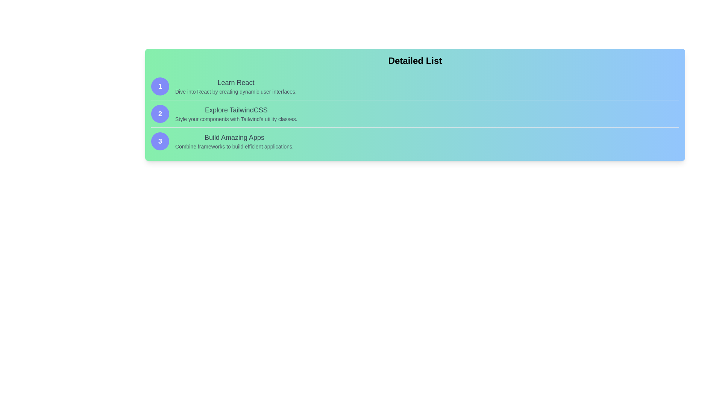 The width and height of the screenshot is (722, 406). Describe the element at coordinates (160, 114) in the screenshot. I see `the content of the Circular Badge located to the left of 'Explore TailwindCSS', which is the second item in a vertical list` at that location.